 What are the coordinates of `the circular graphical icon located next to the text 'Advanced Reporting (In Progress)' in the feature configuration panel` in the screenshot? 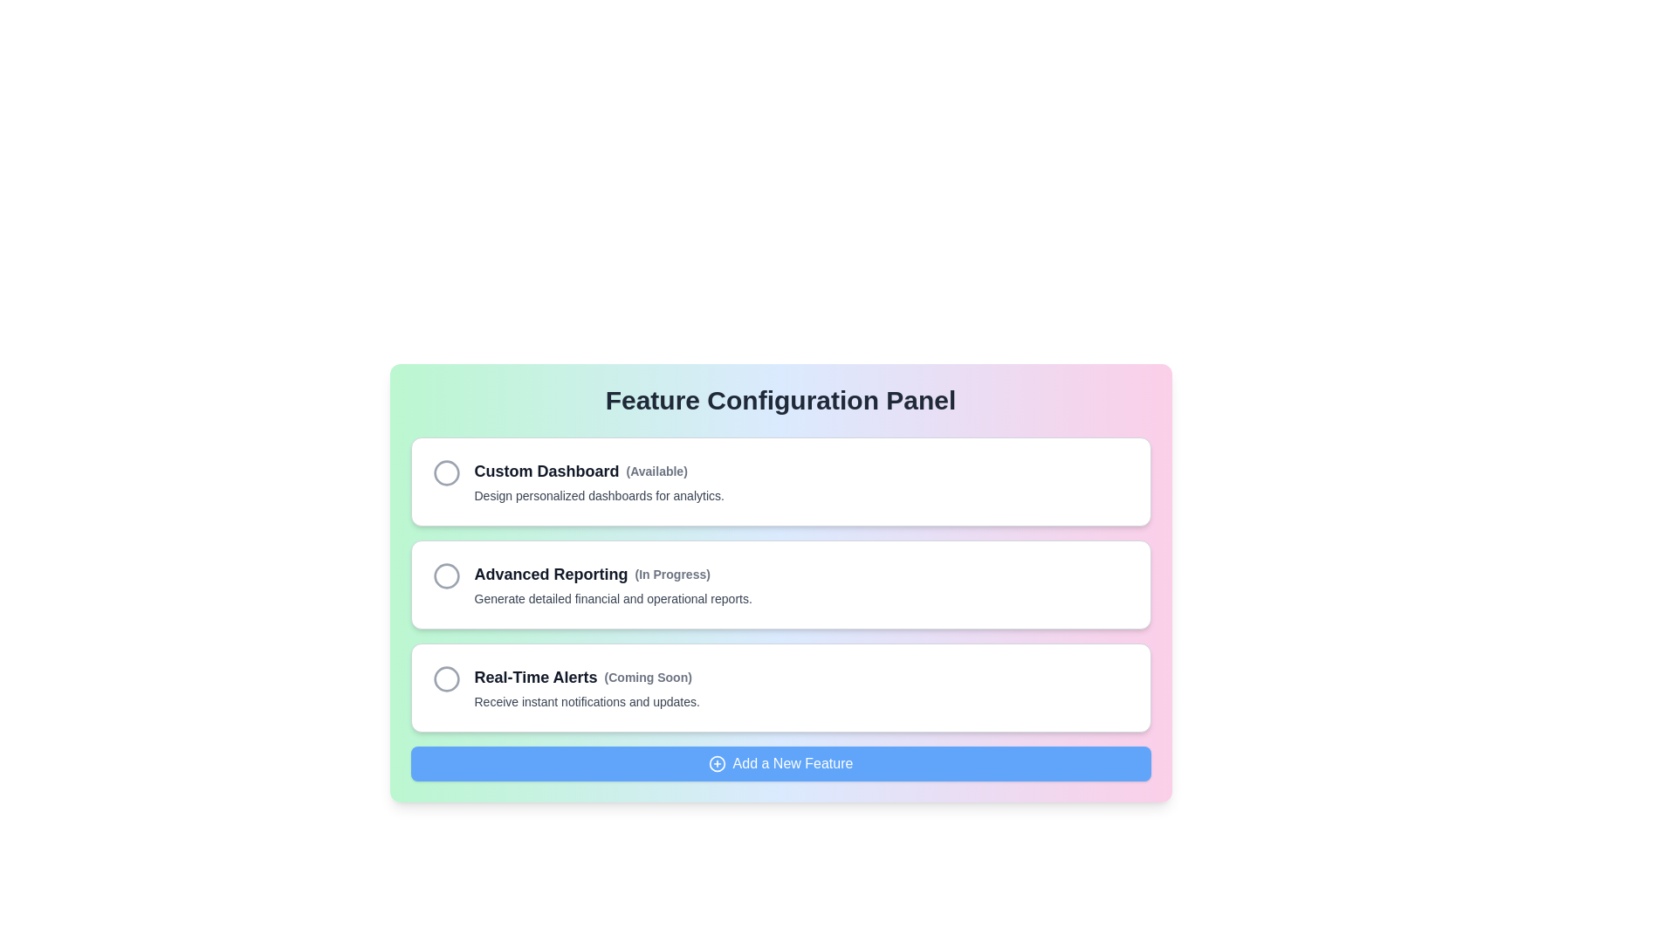 It's located at (446, 575).